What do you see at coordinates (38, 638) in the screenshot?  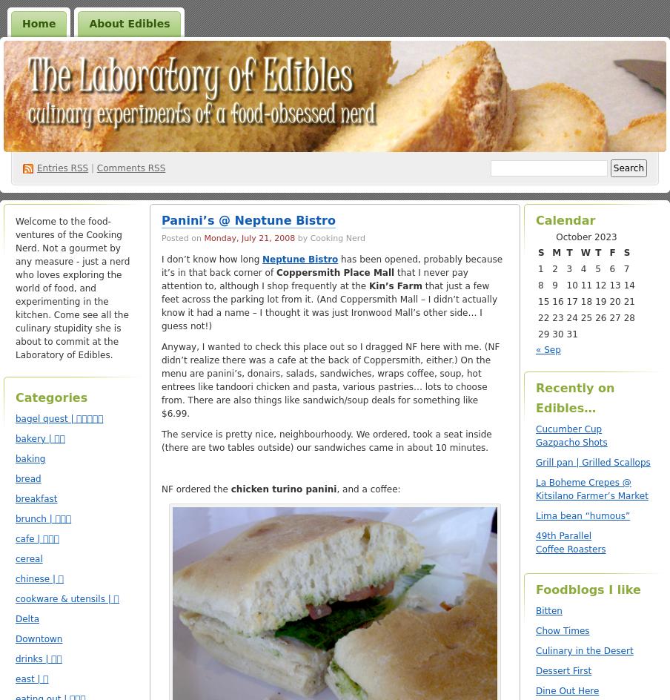 I see `'Downtown'` at bounding box center [38, 638].